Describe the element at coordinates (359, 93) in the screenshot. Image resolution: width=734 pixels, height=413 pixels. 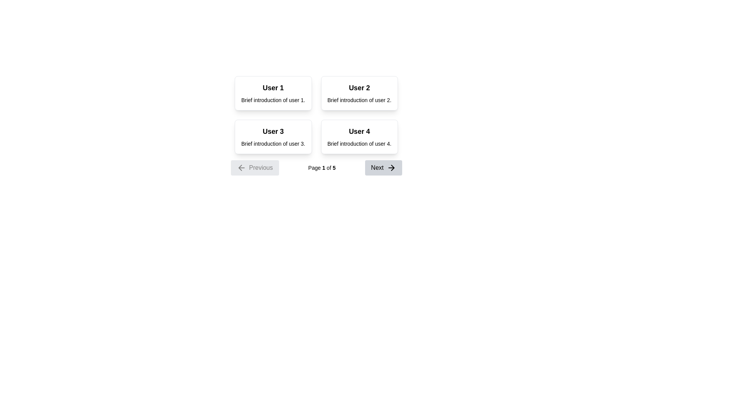
I see `the user profile summary card located in the top-right position of the grid, which displays the user's name and brief description` at that location.